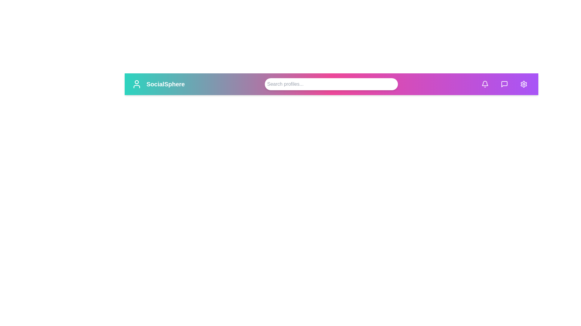 This screenshot has width=581, height=326. Describe the element at coordinates (524, 84) in the screenshot. I see `the settings icon to open the configuration menu` at that location.